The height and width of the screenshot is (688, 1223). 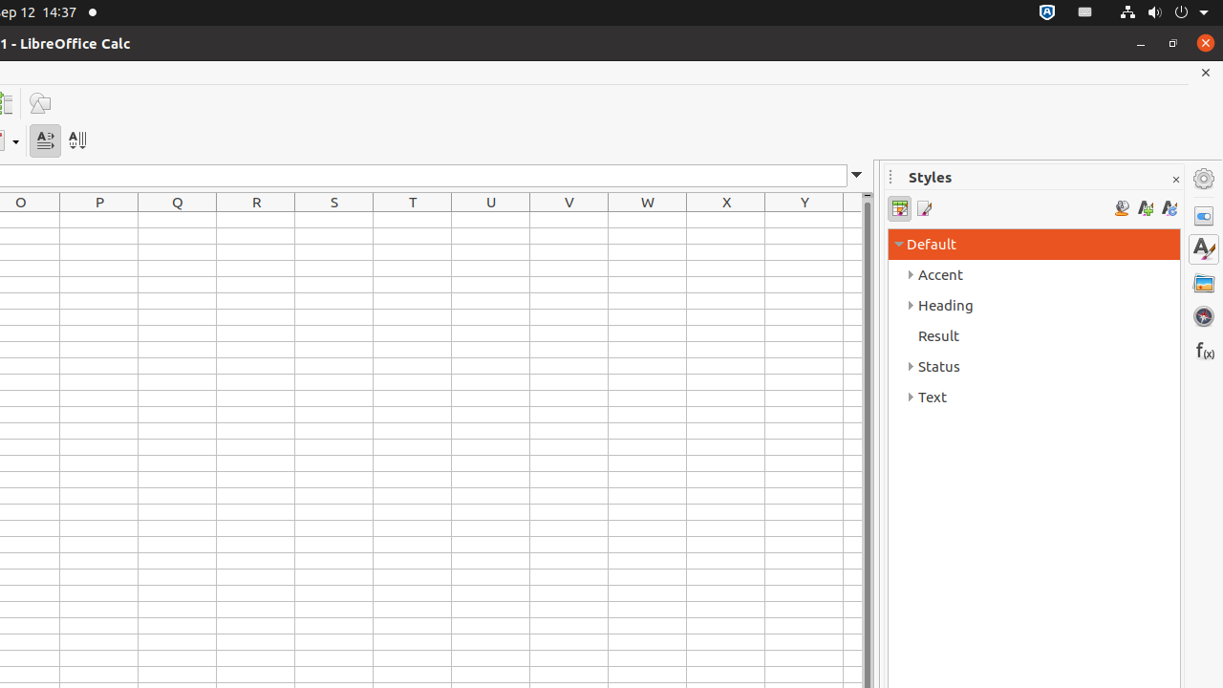 I want to click on 'V1', so click(x=568, y=219).